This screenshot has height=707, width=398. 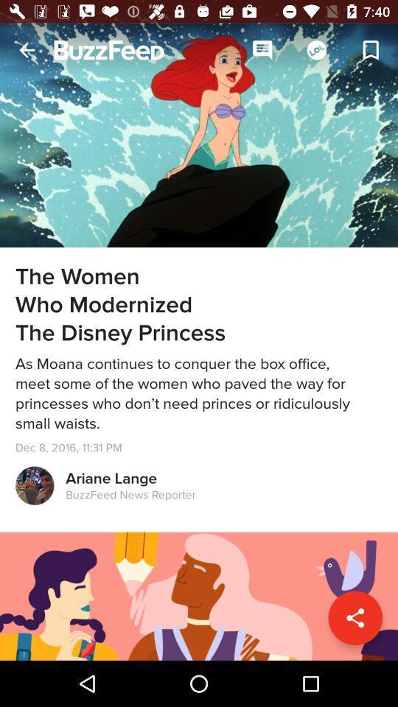 I want to click on the share icon, so click(x=355, y=618).